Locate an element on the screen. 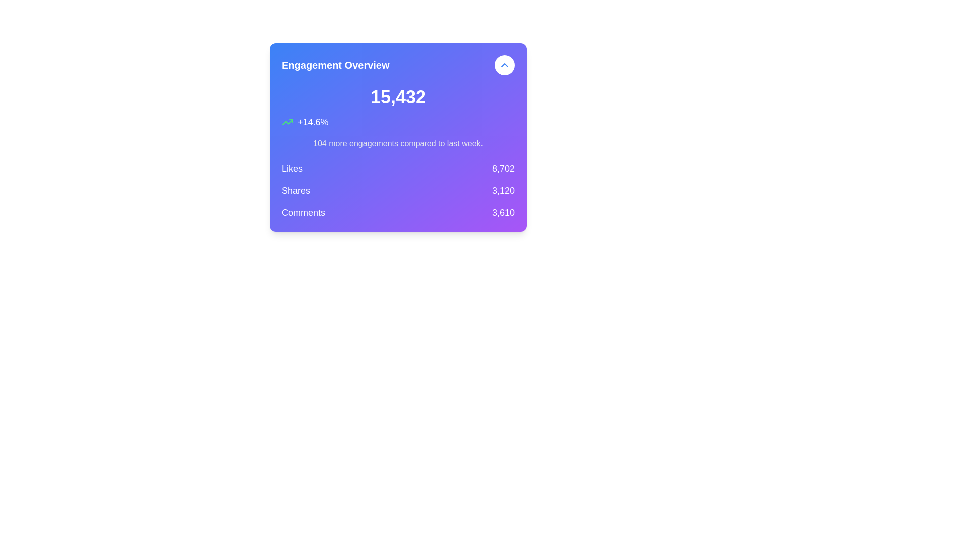 Image resolution: width=964 pixels, height=542 pixels. the button located at the top-right corner of the 'Engagement Overview' card is located at coordinates (504, 65).